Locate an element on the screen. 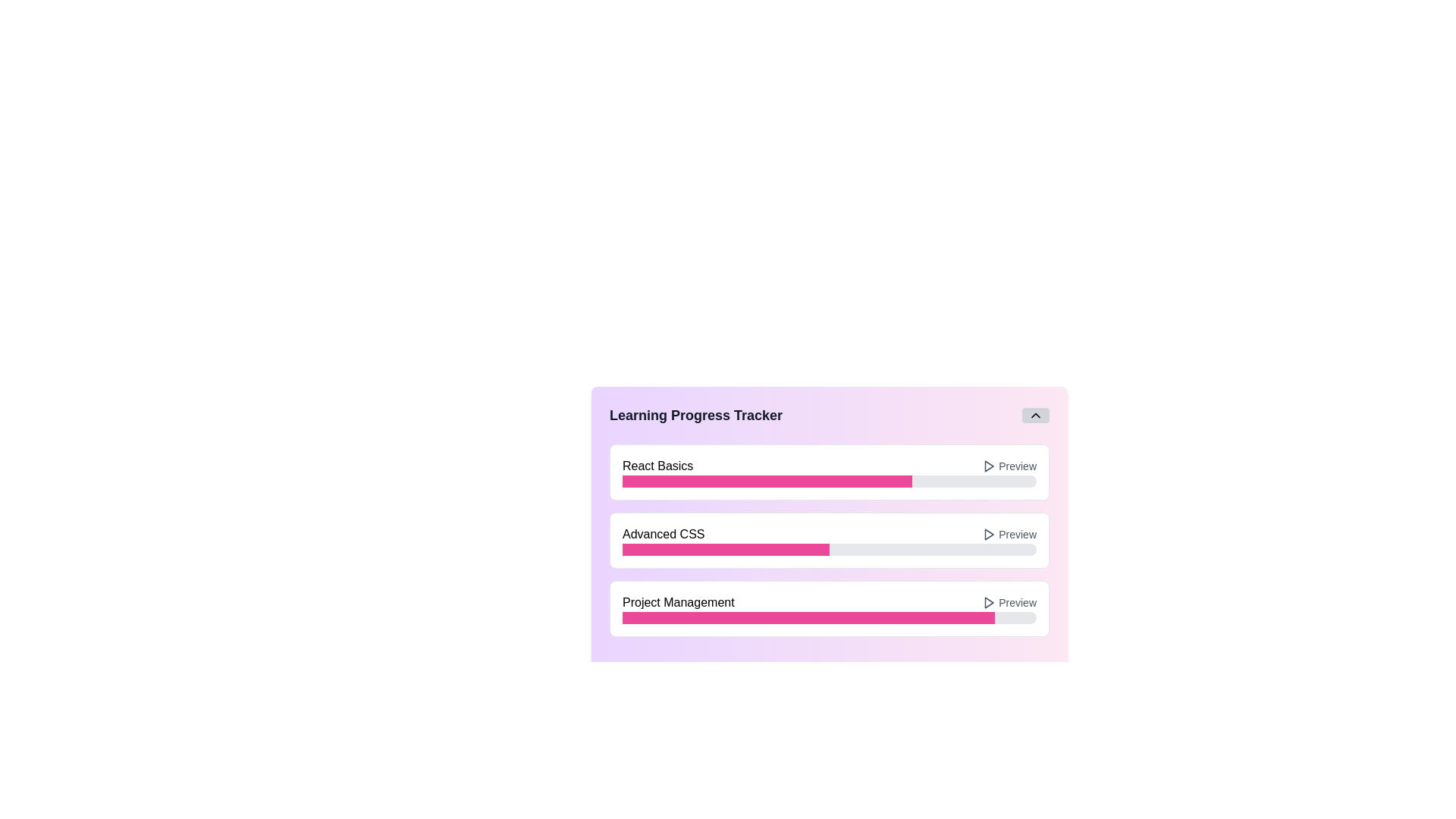 The height and width of the screenshot is (819, 1456). the horizontal progress bar with a gray background and a pink indicator, located below the 'Advanced CSS' label in the 'Learning Progress Tracker' interface is located at coordinates (829, 550).